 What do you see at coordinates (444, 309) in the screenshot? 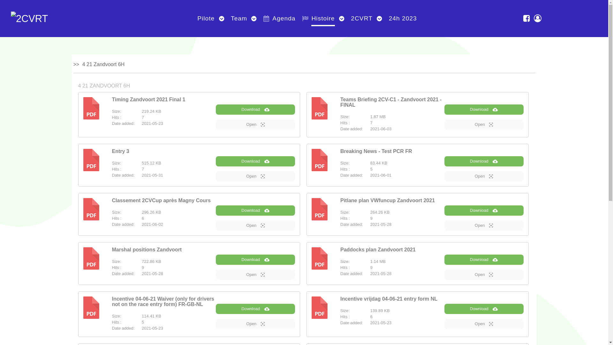
I see `'Download'` at bounding box center [444, 309].